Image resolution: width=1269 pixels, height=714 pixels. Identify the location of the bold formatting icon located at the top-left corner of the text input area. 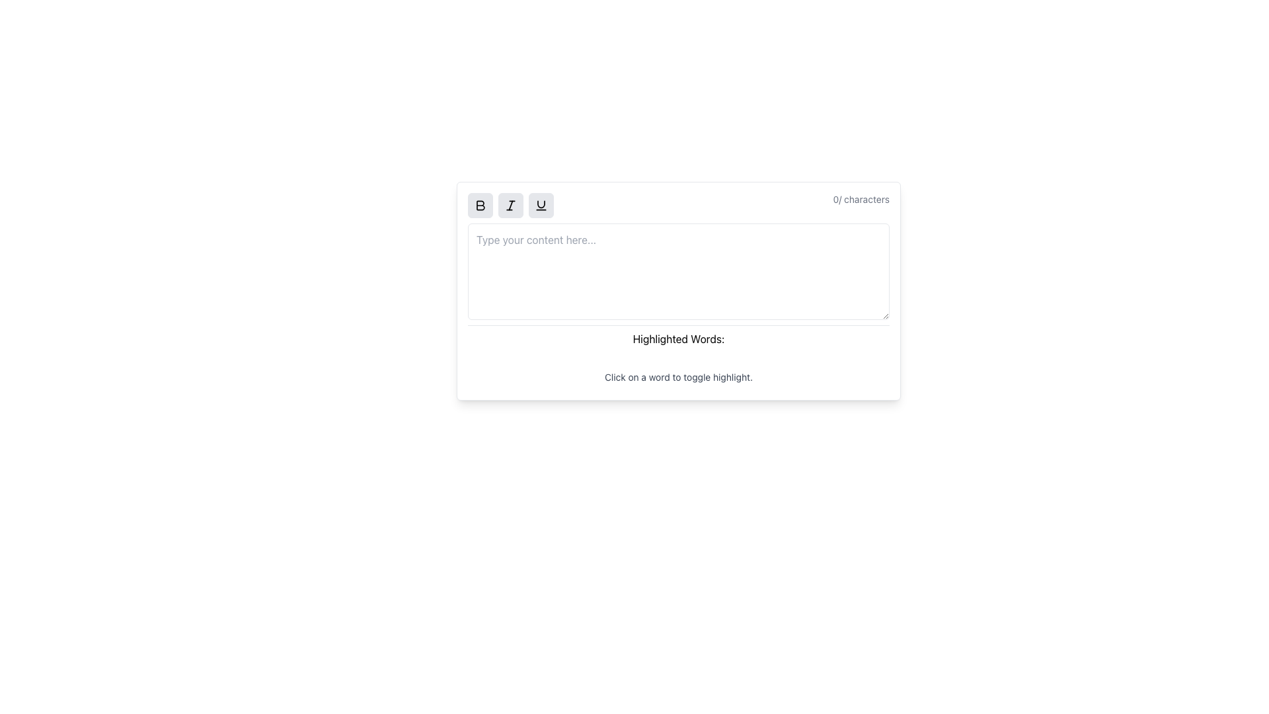
(479, 206).